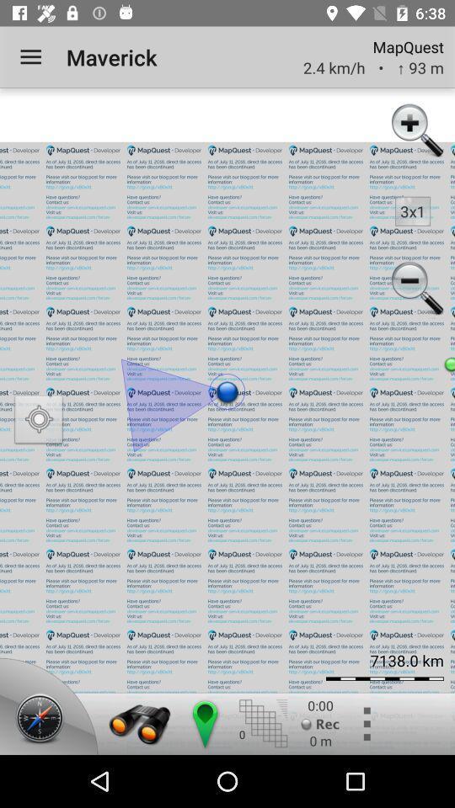  Describe the element at coordinates (30, 57) in the screenshot. I see `the item to the left of the maverick item` at that location.